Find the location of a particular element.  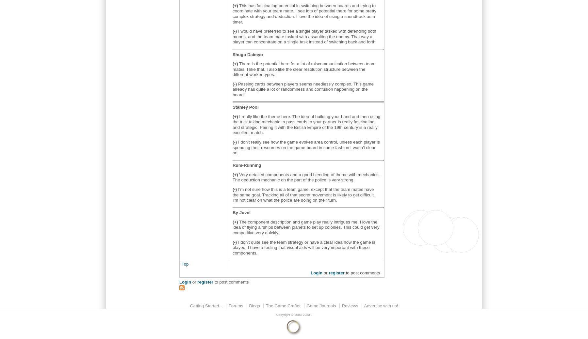

'There is the potential here for a lot of miscommunication between team mates. I like that. I also like the clear resolution structure between the different worker types.' is located at coordinates (303, 69).